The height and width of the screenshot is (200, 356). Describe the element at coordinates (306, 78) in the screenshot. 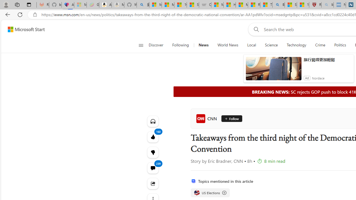

I see `'Ad'` at that location.